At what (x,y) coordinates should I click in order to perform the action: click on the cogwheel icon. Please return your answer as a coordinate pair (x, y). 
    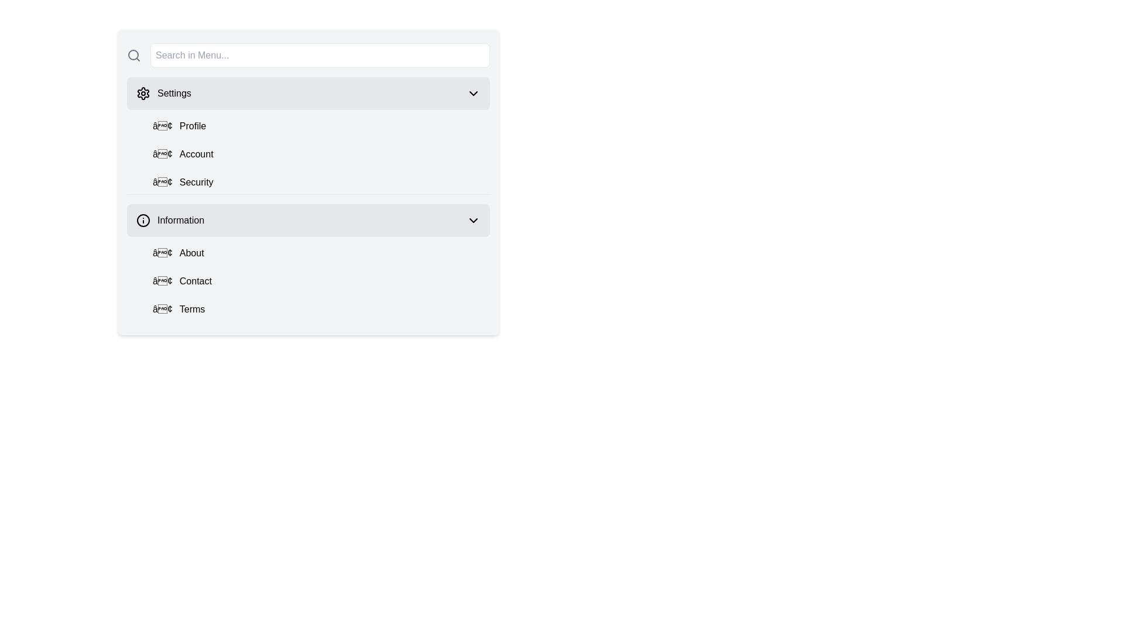
    Looking at the image, I should click on (142, 92).